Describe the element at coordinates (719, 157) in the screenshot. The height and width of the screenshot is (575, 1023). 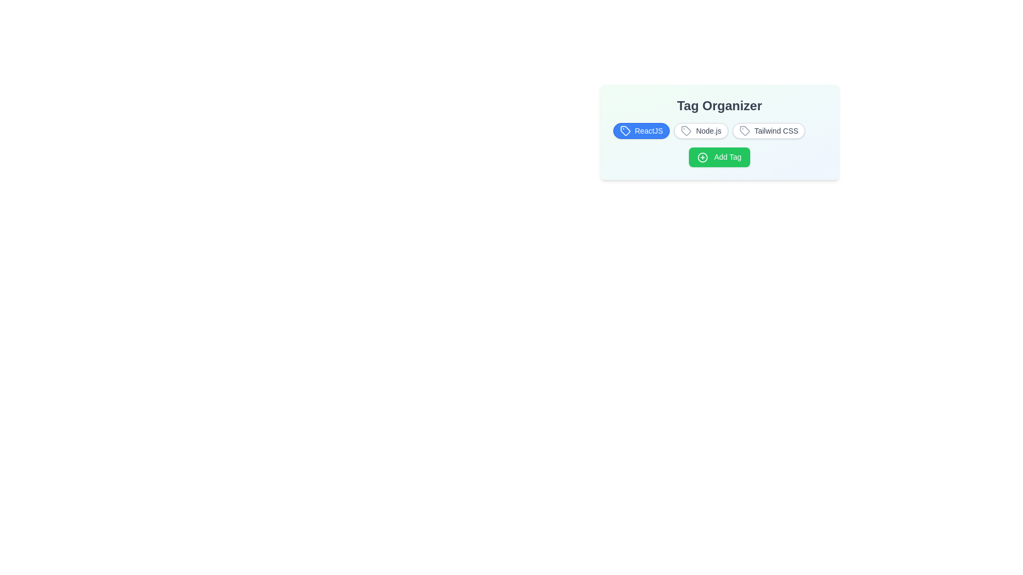
I see `the 'Add Tag' button to add a new tag` at that location.